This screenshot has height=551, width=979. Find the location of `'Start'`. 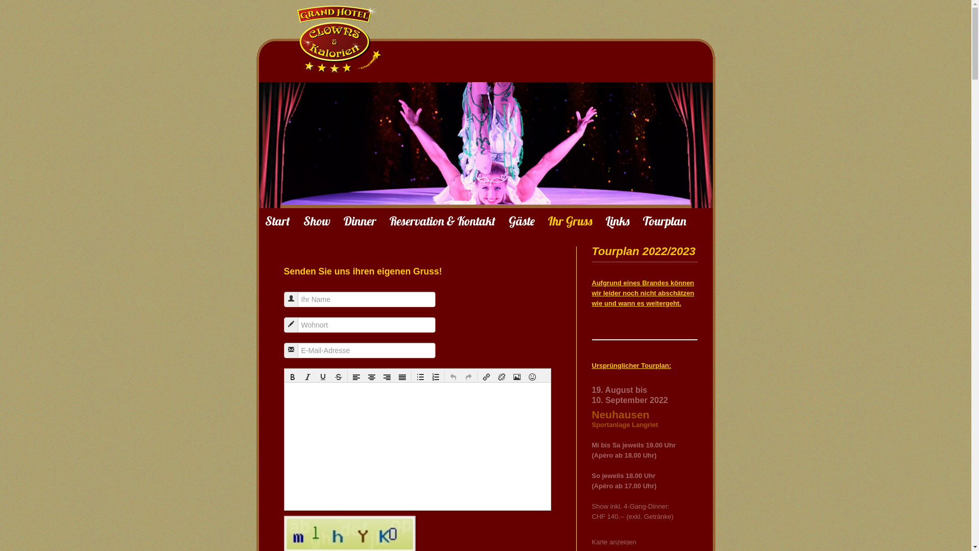

'Start' is located at coordinates (277, 220).